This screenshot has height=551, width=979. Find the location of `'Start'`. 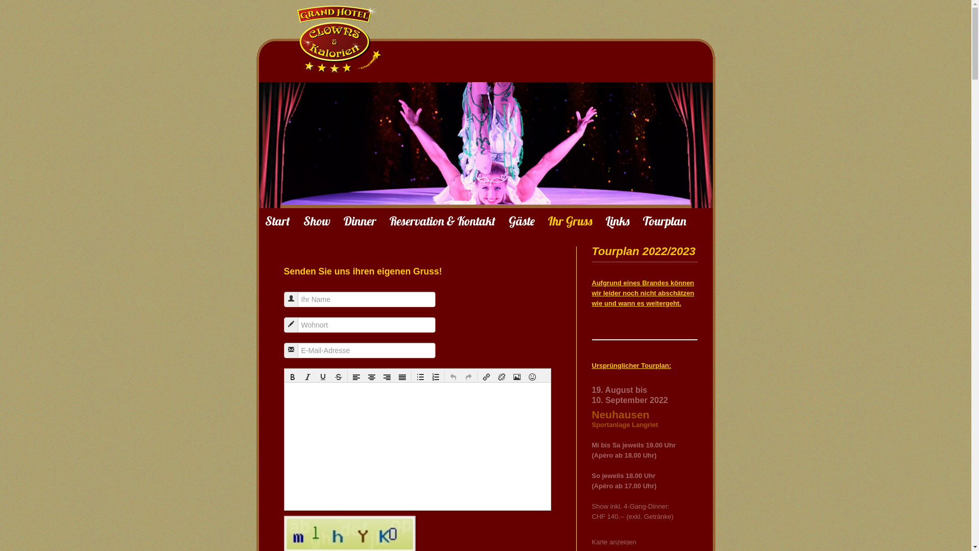

'Start' is located at coordinates (277, 220).